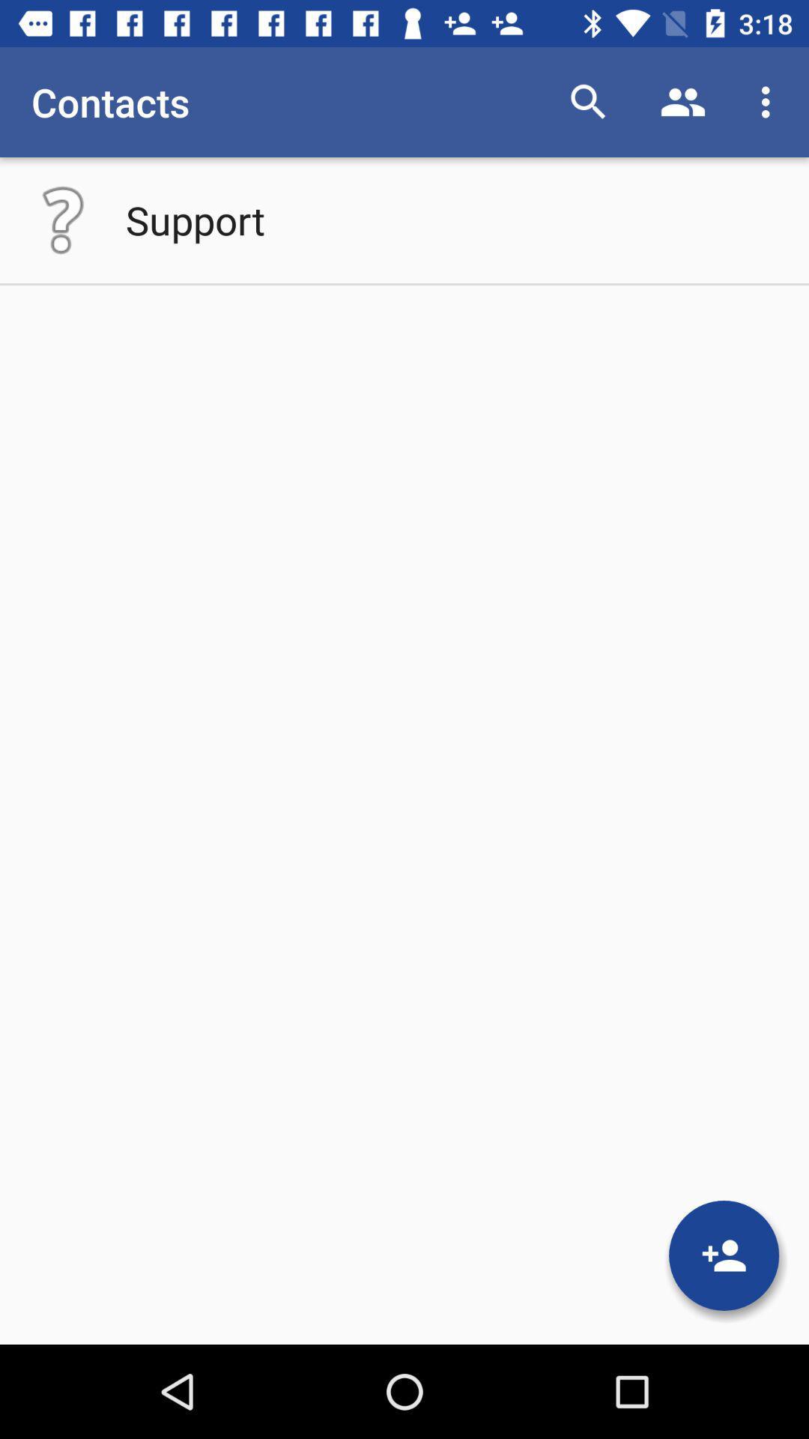 The height and width of the screenshot is (1439, 809). Describe the element at coordinates (588, 101) in the screenshot. I see `item next to the contacts item` at that location.